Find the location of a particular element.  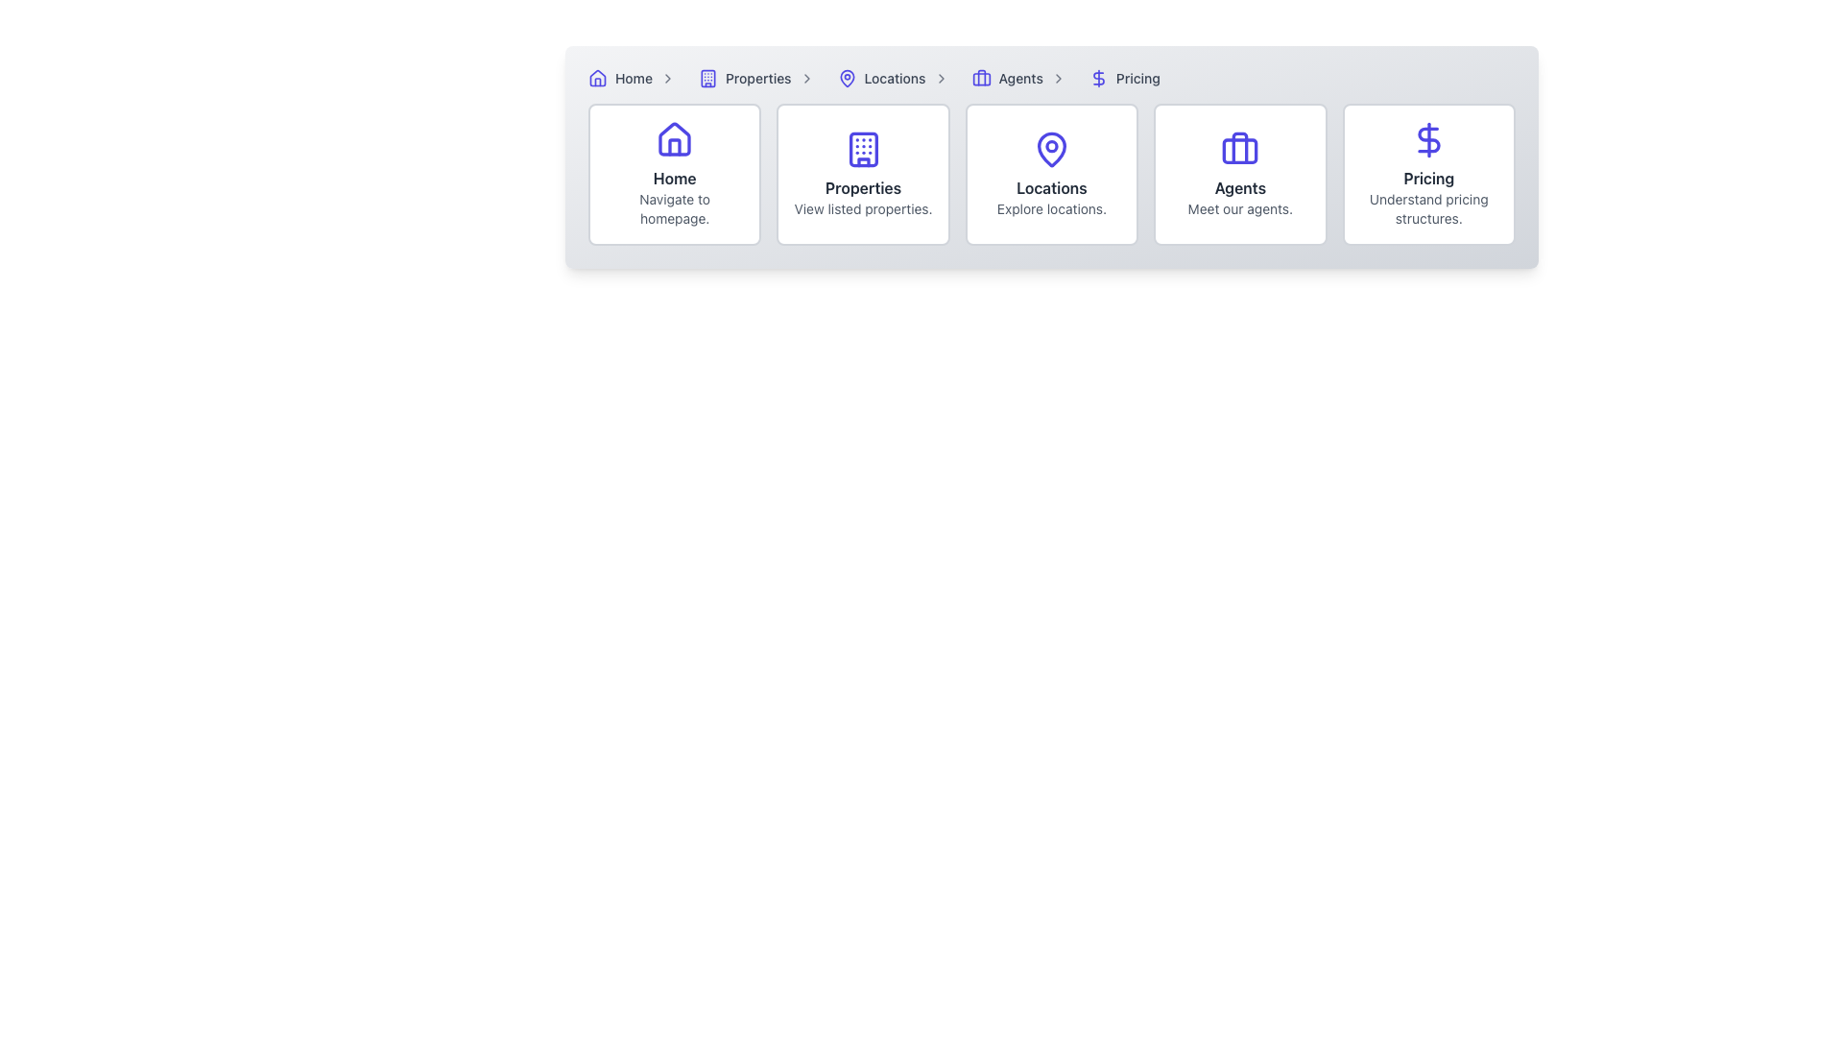

the decorative graphical shape that forms part of the briefcase icon in the 'Agents' card, located in the fourth column of the layout is located at coordinates (1240, 150).